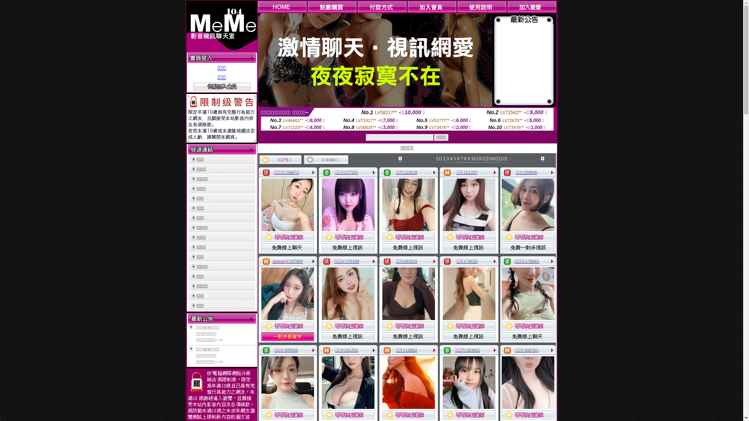  Describe the element at coordinates (280, 350) in the screenshot. I see `'V199566'` at that location.